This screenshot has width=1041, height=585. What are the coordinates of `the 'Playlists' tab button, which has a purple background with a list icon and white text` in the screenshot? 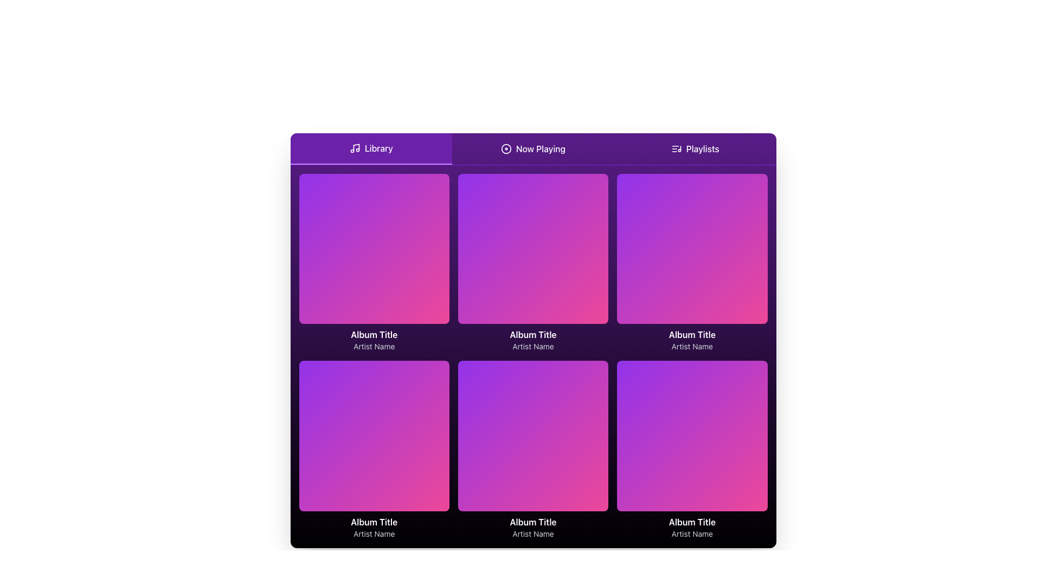 It's located at (695, 148).